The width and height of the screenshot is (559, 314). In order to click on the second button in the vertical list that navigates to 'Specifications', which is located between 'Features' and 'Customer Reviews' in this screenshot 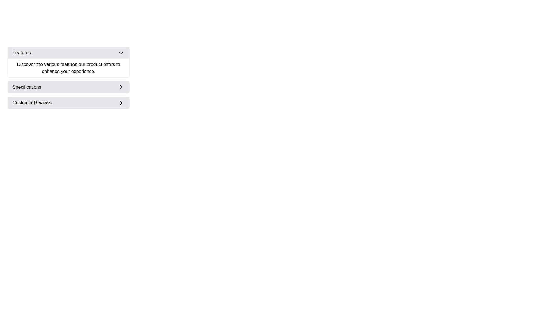, I will do `click(68, 87)`.